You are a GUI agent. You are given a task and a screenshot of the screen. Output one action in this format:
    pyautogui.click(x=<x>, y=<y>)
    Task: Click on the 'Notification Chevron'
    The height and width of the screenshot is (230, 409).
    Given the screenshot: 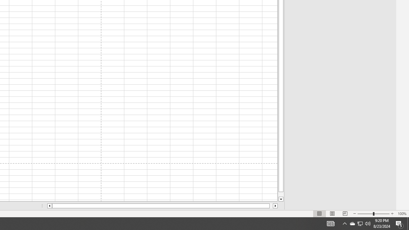 What is the action you would take?
    pyautogui.click(x=344, y=223)
    